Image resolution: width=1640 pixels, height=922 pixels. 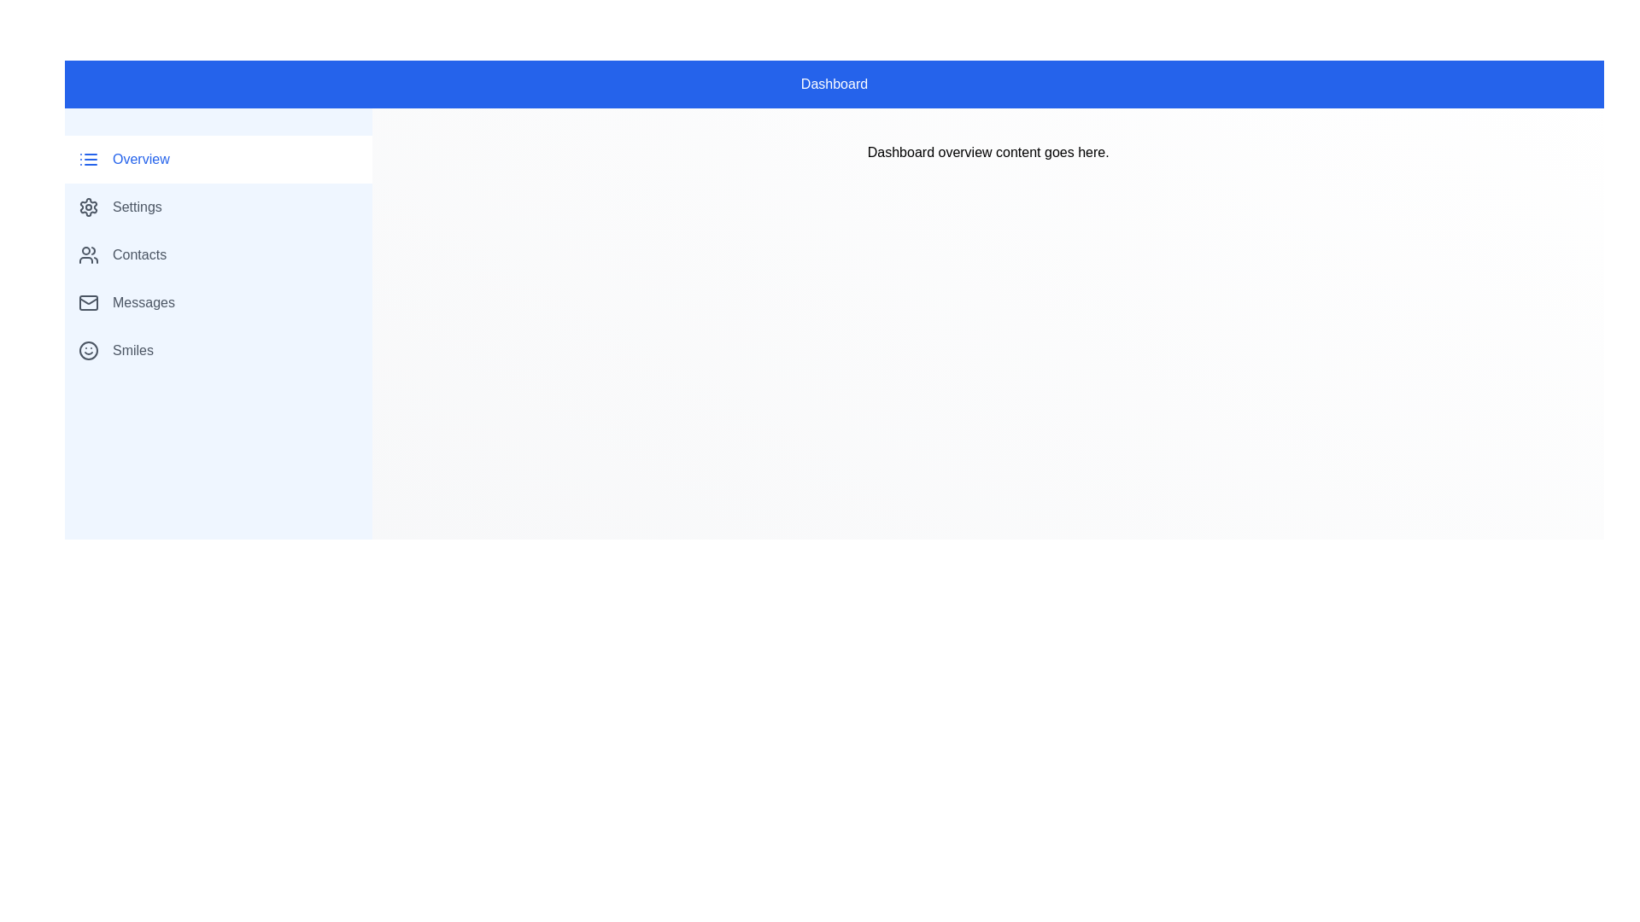 What do you see at coordinates (218, 255) in the screenshot?
I see `the 'Contacts' button in the vertical navigation menu` at bounding box center [218, 255].